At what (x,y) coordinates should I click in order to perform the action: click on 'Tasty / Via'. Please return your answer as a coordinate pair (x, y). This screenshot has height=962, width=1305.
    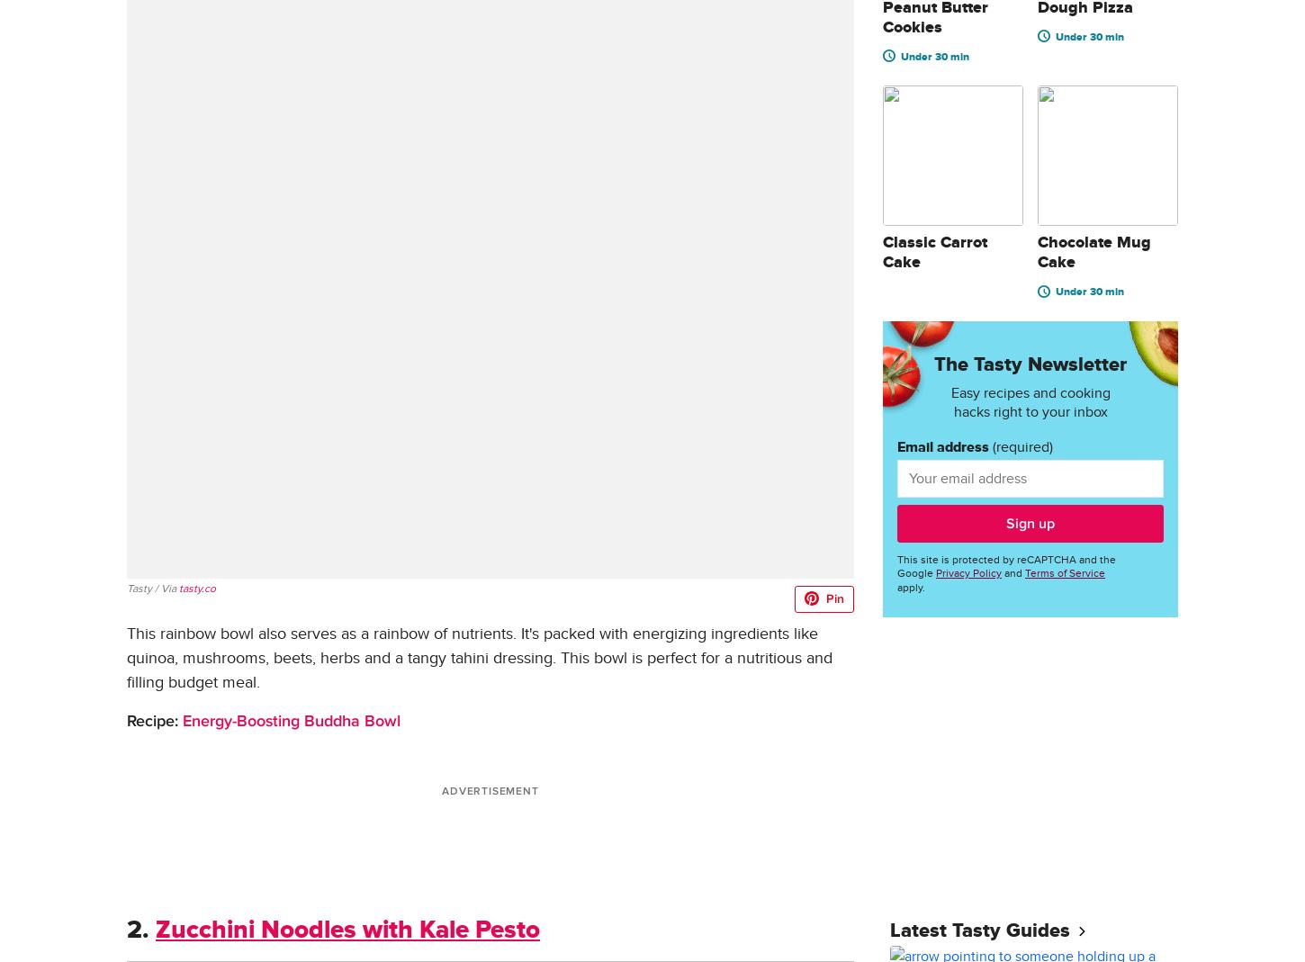
    Looking at the image, I should click on (151, 588).